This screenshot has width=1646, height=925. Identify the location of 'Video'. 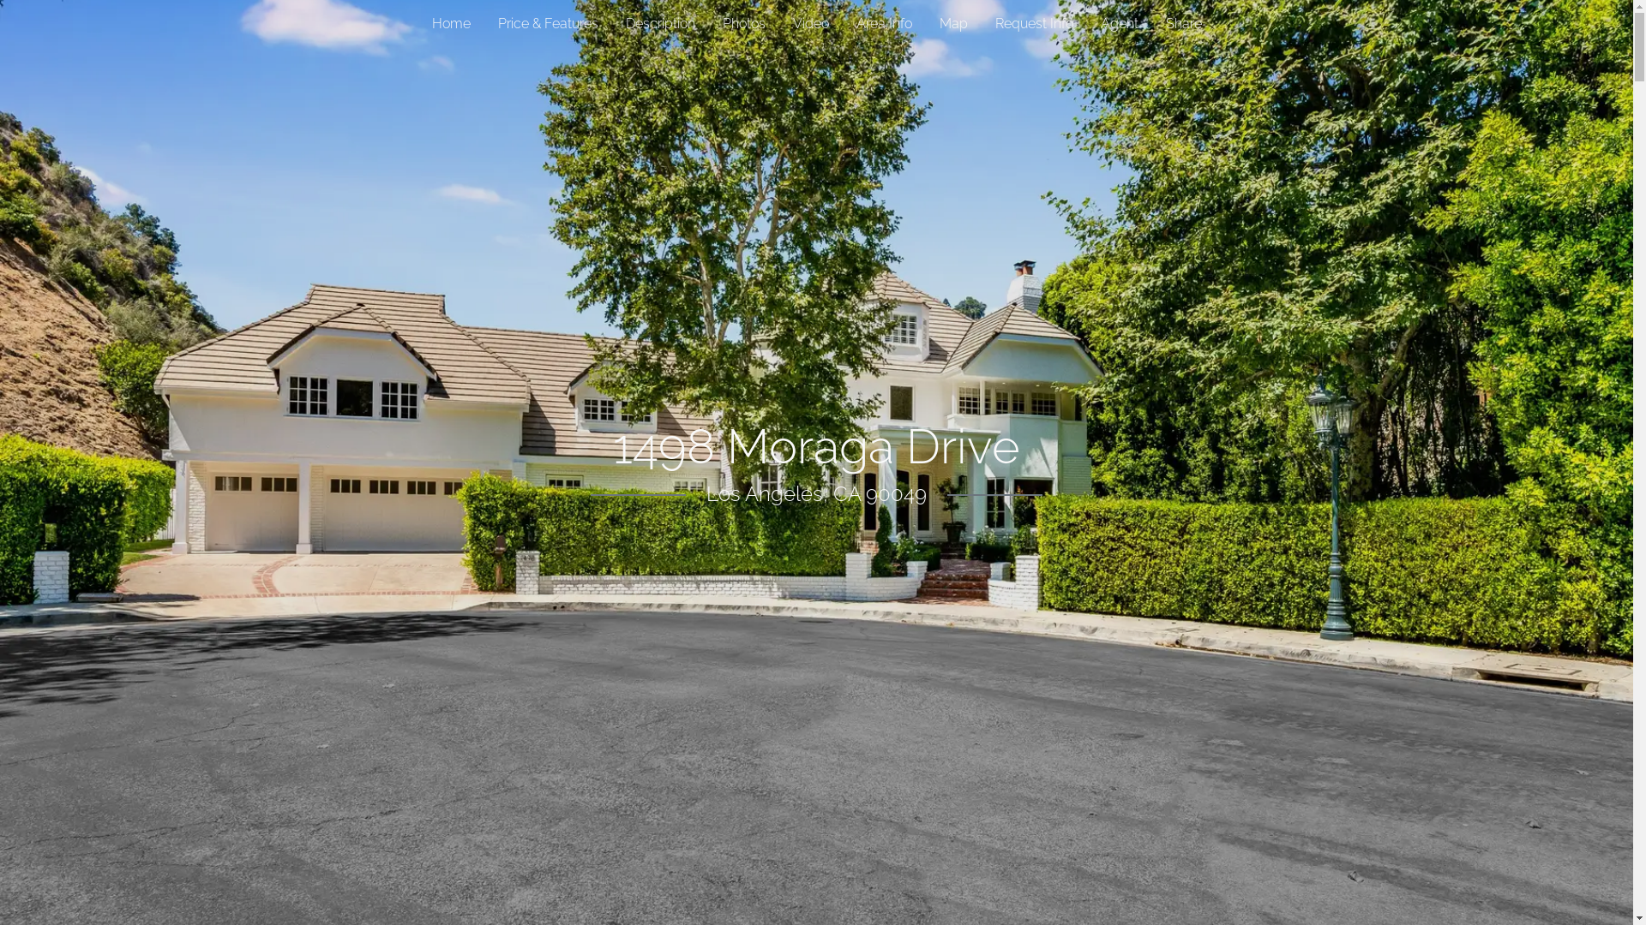
(809, 23).